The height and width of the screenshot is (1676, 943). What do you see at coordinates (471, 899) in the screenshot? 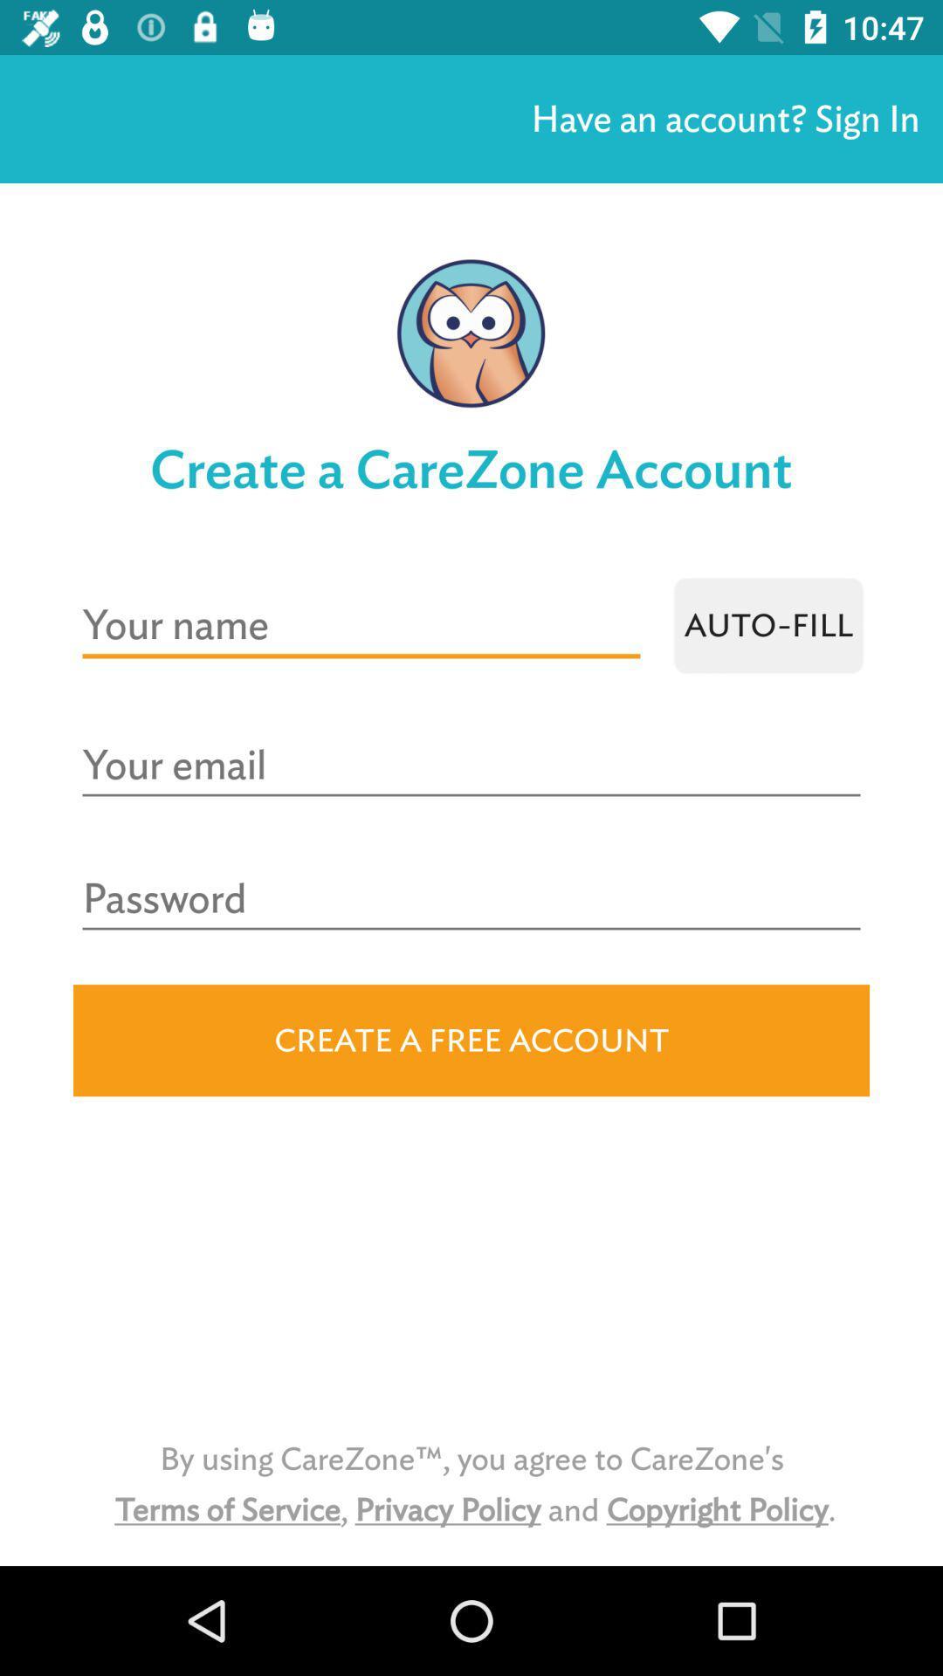
I see `password` at bounding box center [471, 899].